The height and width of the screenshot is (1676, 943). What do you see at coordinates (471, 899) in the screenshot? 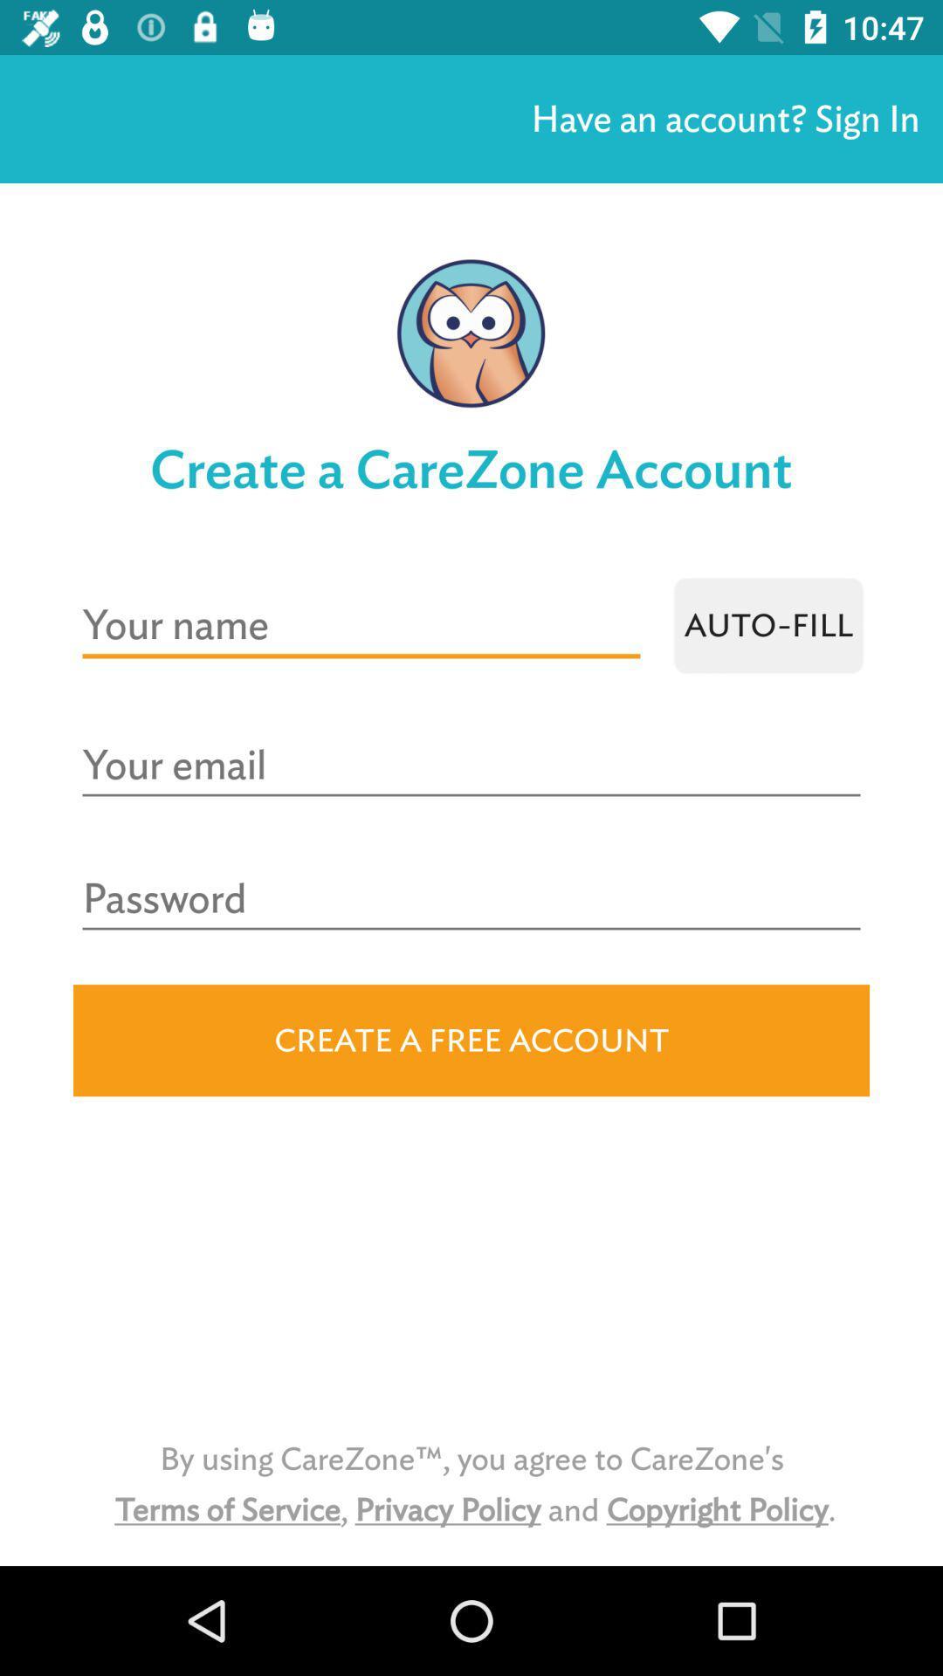
I see `password` at bounding box center [471, 899].